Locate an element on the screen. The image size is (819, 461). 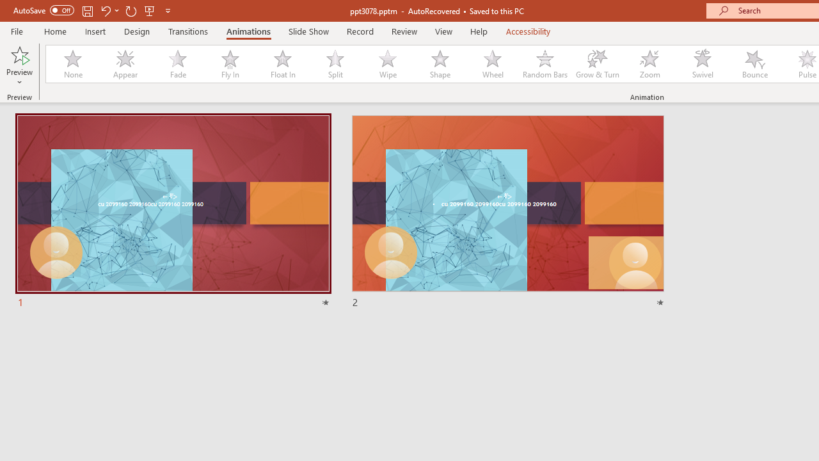
'Split' is located at coordinates (335, 64).